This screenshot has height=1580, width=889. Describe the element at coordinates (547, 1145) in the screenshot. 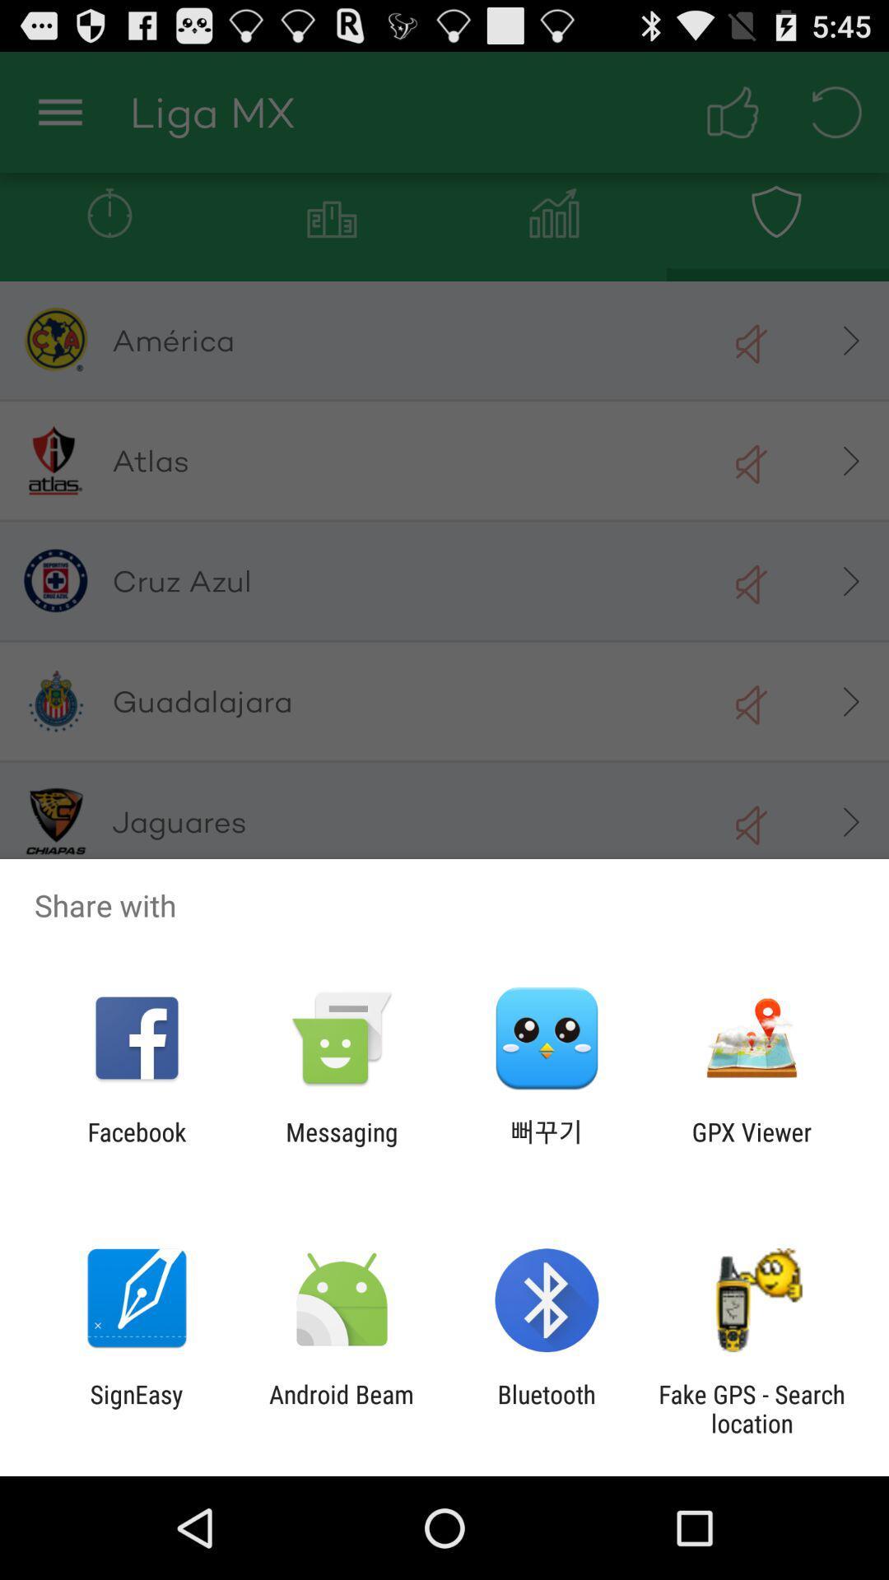

I see `app to the left of gpx viewer app` at that location.